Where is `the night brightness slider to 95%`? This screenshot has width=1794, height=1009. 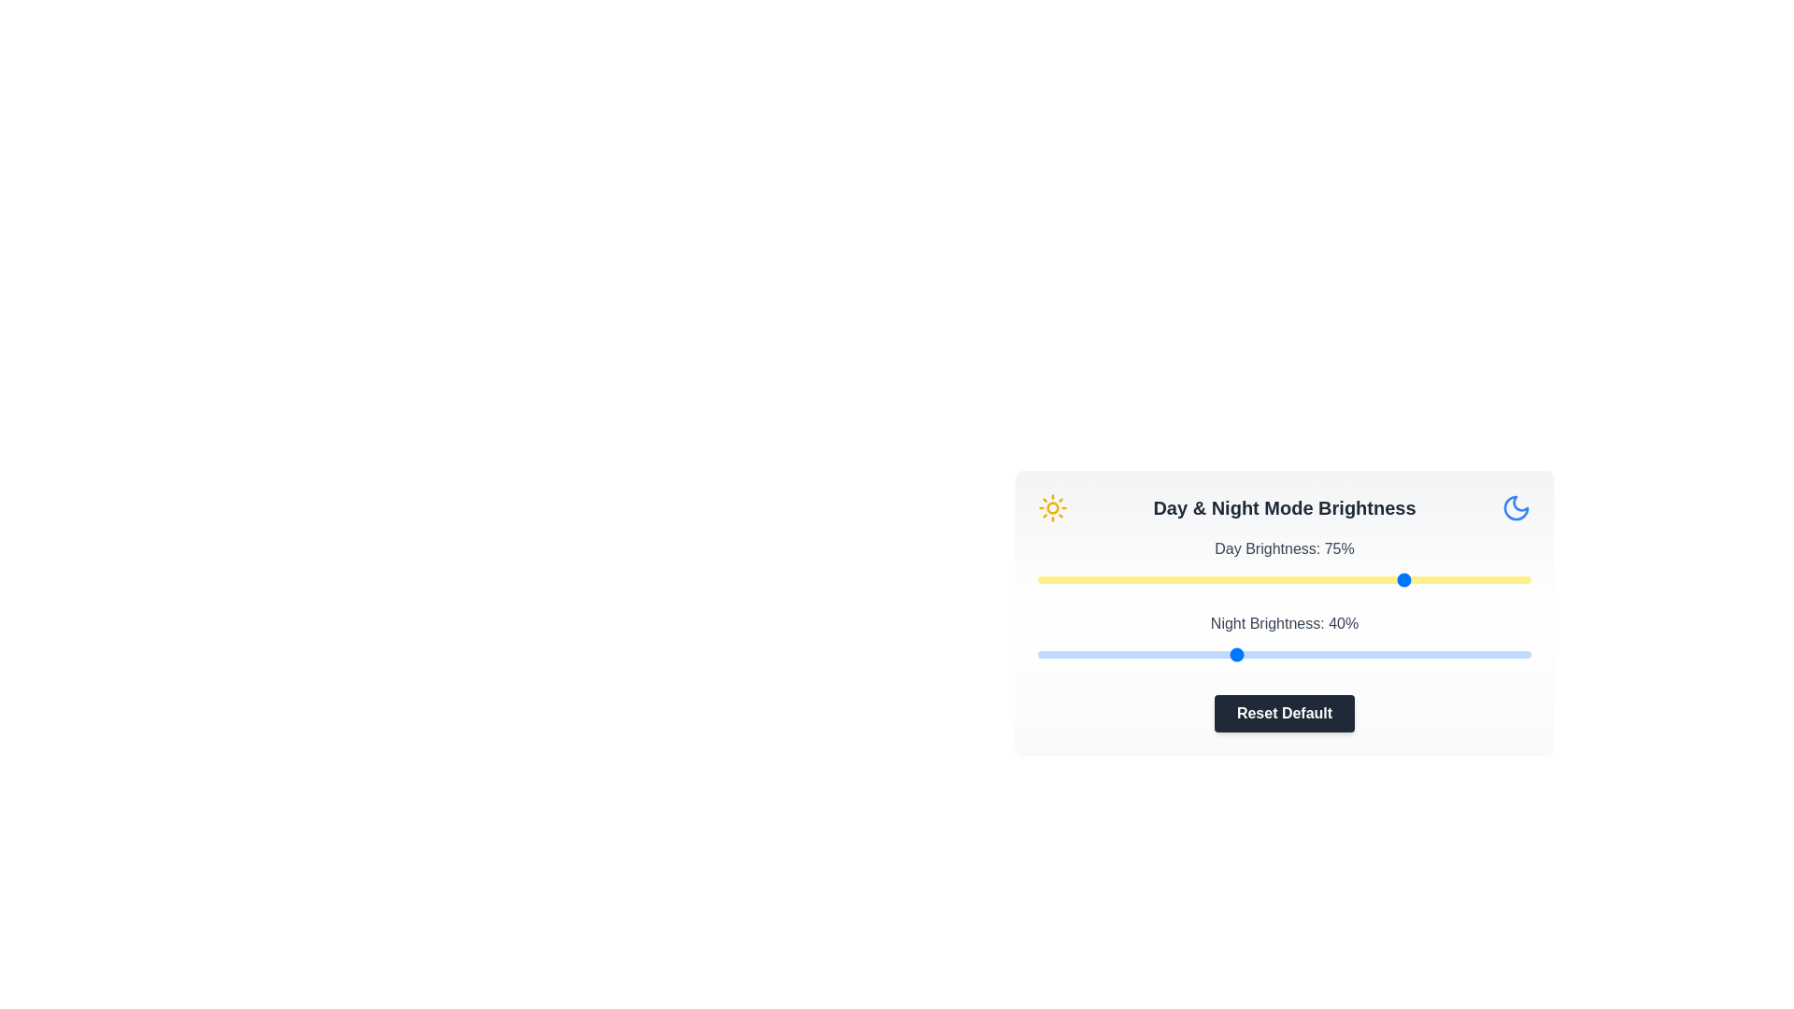 the night brightness slider to 95% is located at coordinates (1506, 654).